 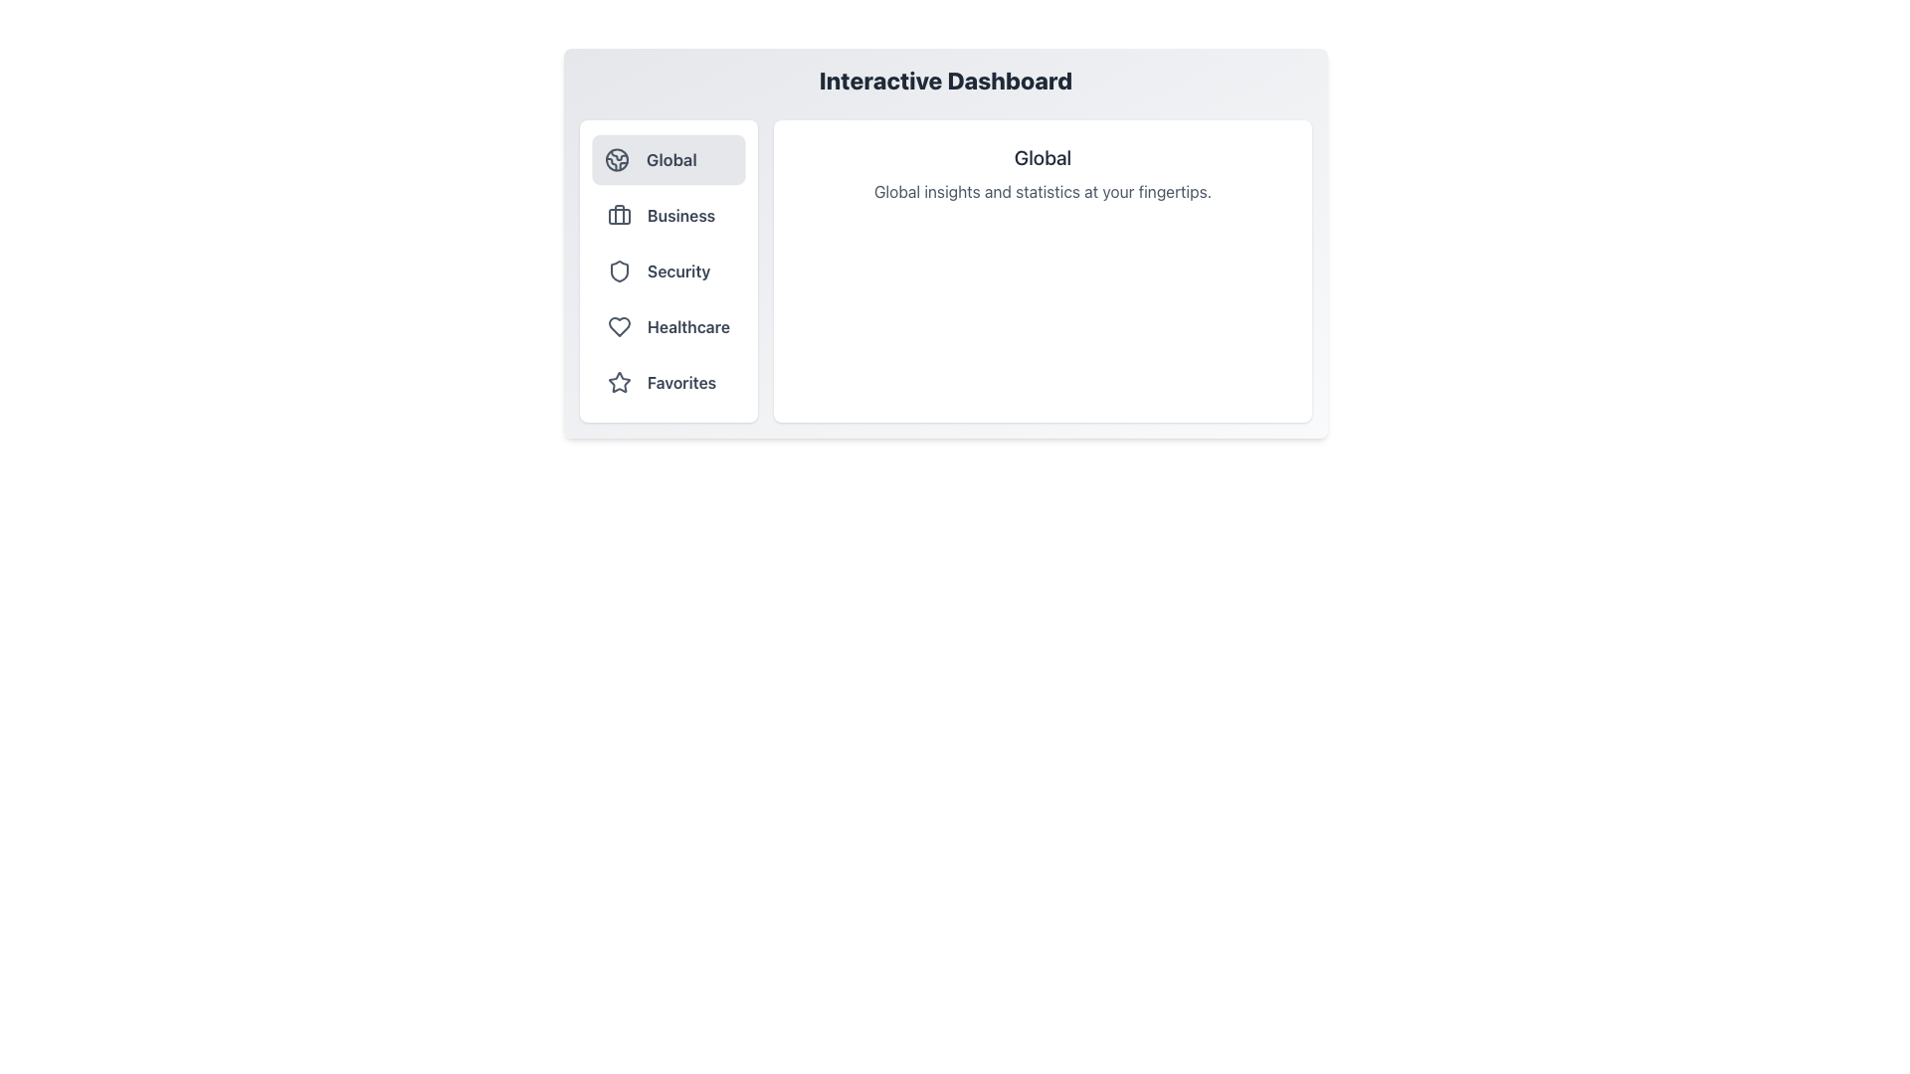 What do you see at coordinates (616, 159) in the screenshot?
I see `the circular SVG element located in the middle section of the SVG, which is filled with color and has no text content, by clicking on it` at bounding box center [616, 159].